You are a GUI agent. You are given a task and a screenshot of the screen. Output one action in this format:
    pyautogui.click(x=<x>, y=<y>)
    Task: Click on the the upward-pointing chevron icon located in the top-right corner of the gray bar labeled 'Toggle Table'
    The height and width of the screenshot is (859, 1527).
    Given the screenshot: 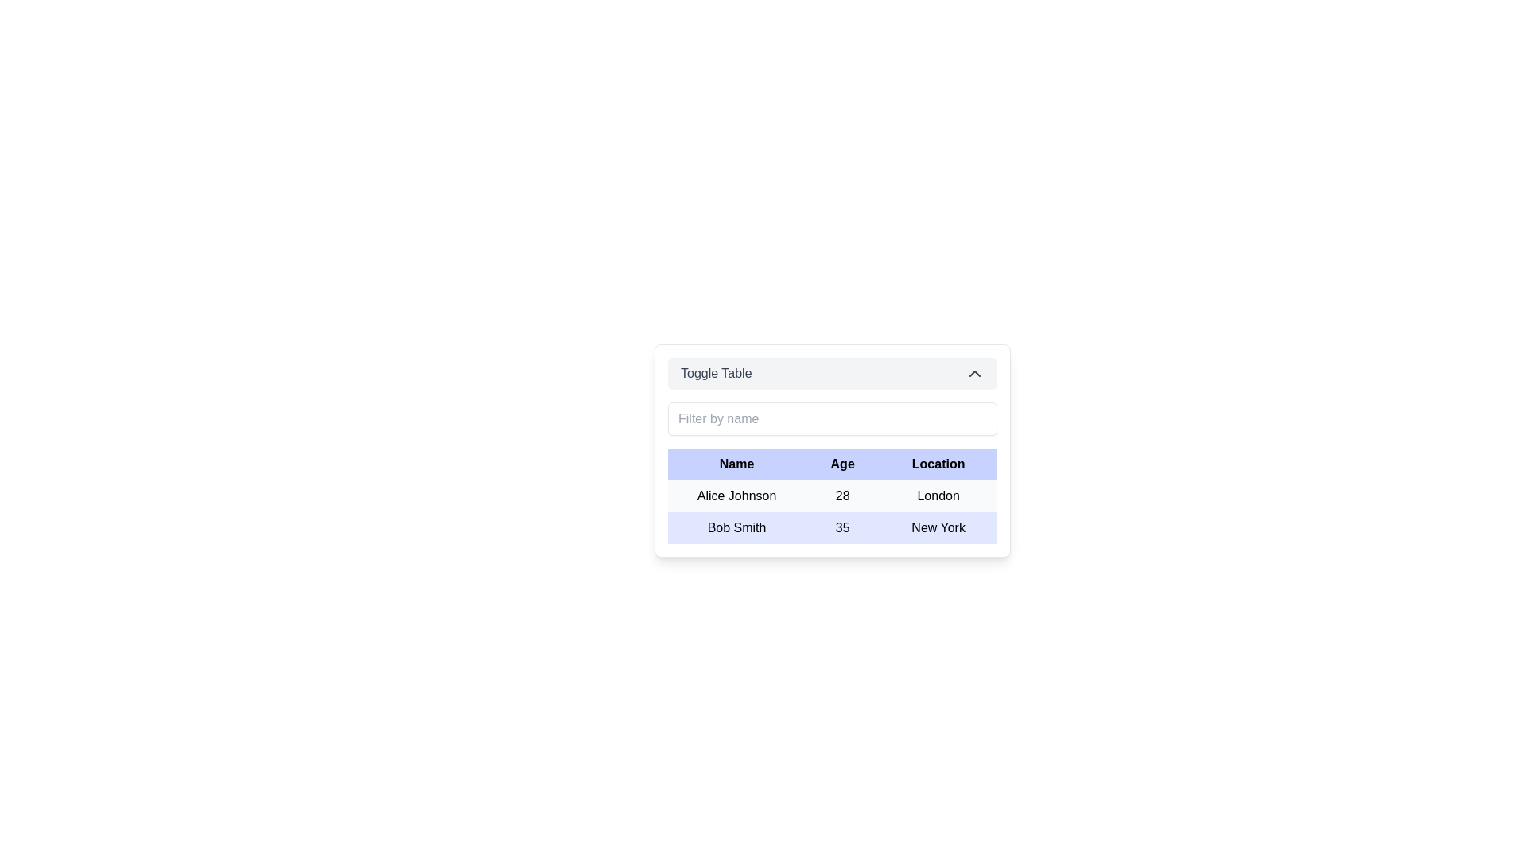 What is the action you would take?
    pyautogui.click(x=973, y=374)
    